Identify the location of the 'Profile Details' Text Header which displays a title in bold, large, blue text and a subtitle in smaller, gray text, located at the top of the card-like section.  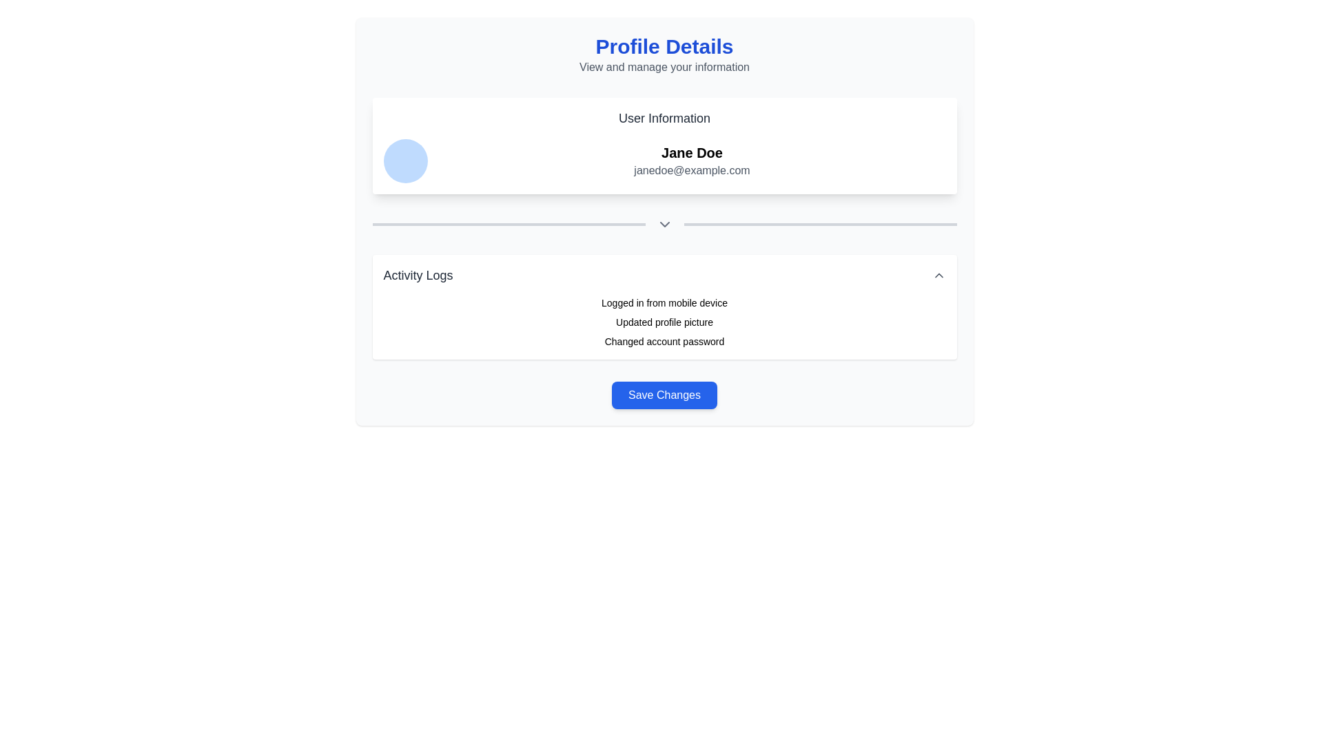
(664, 54).